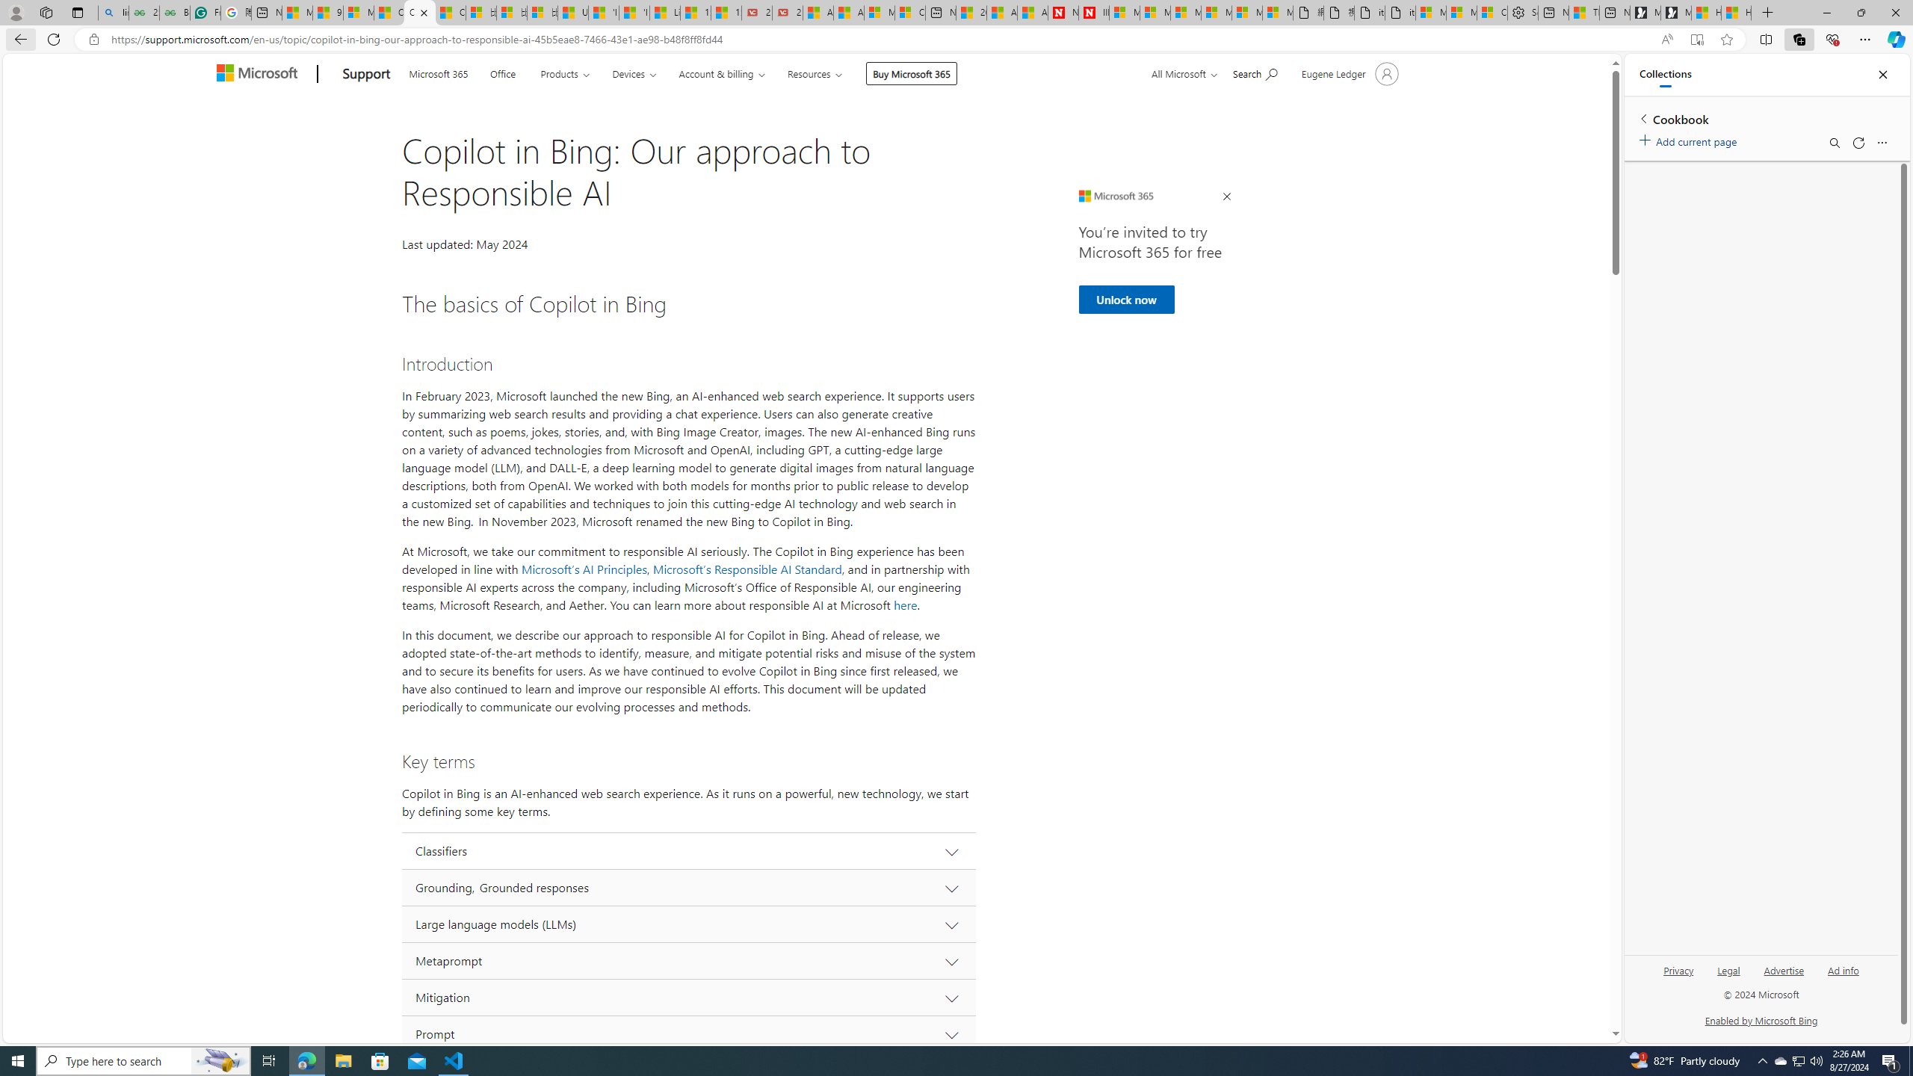 This screenshot has width=1913, height=1076. I want to click on 'Free AI Writing Assistance for Students | Grammarly', so click(205, 12).